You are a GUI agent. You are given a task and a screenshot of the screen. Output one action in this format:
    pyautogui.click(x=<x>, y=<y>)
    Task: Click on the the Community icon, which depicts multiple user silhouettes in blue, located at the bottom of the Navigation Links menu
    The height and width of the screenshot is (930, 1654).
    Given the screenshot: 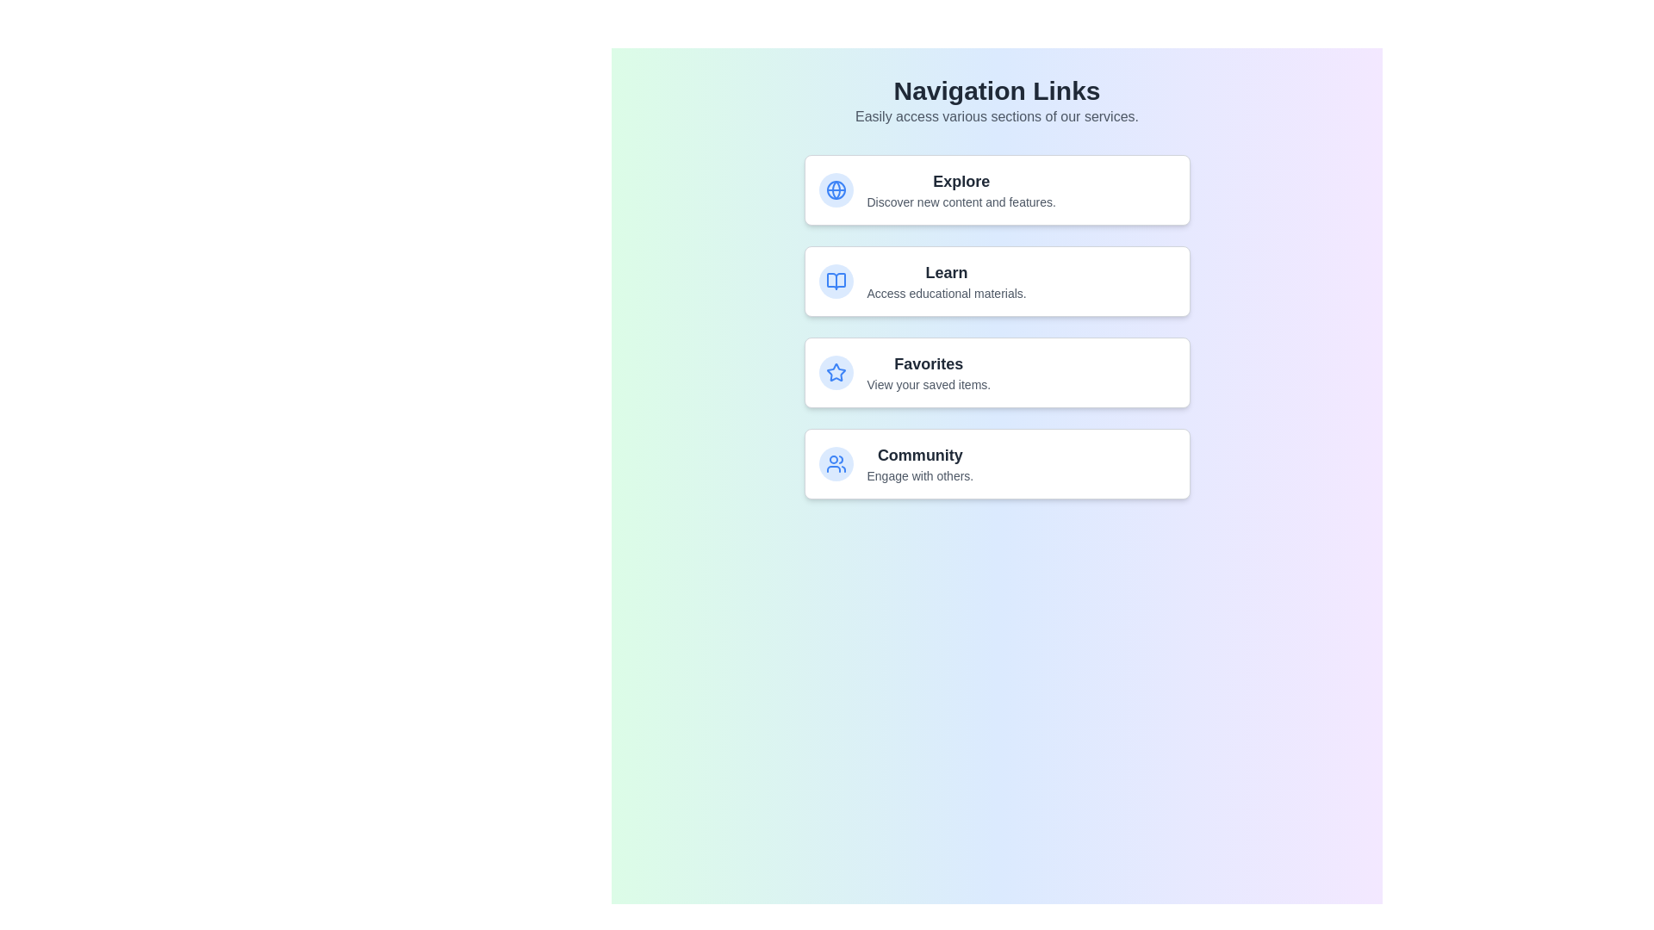 What is the action you would take?
    pyautogui.click(x=836, y=463)
    